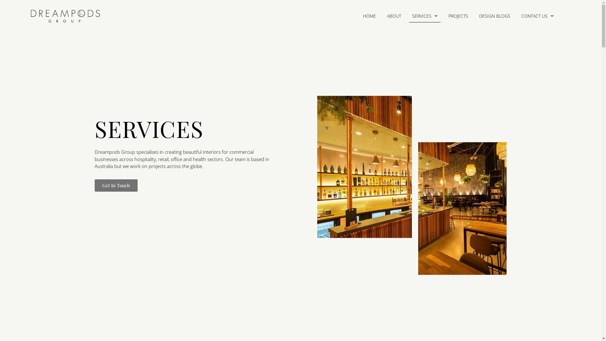  Describe the element at coordinates (94, 185) in the screenshot. I see `'Get In Touch'` at that location.